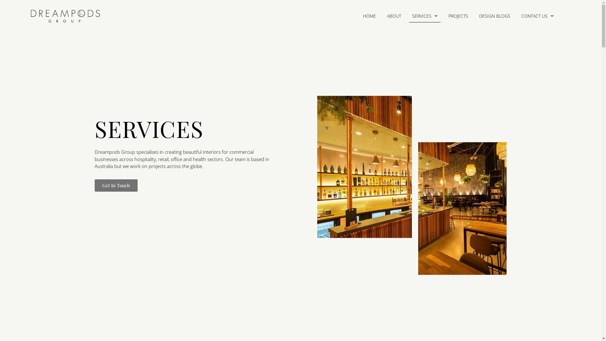  Describe the element at coordinates (94, 185) in the screenshot. I see `'Get In Touch'` at that location.